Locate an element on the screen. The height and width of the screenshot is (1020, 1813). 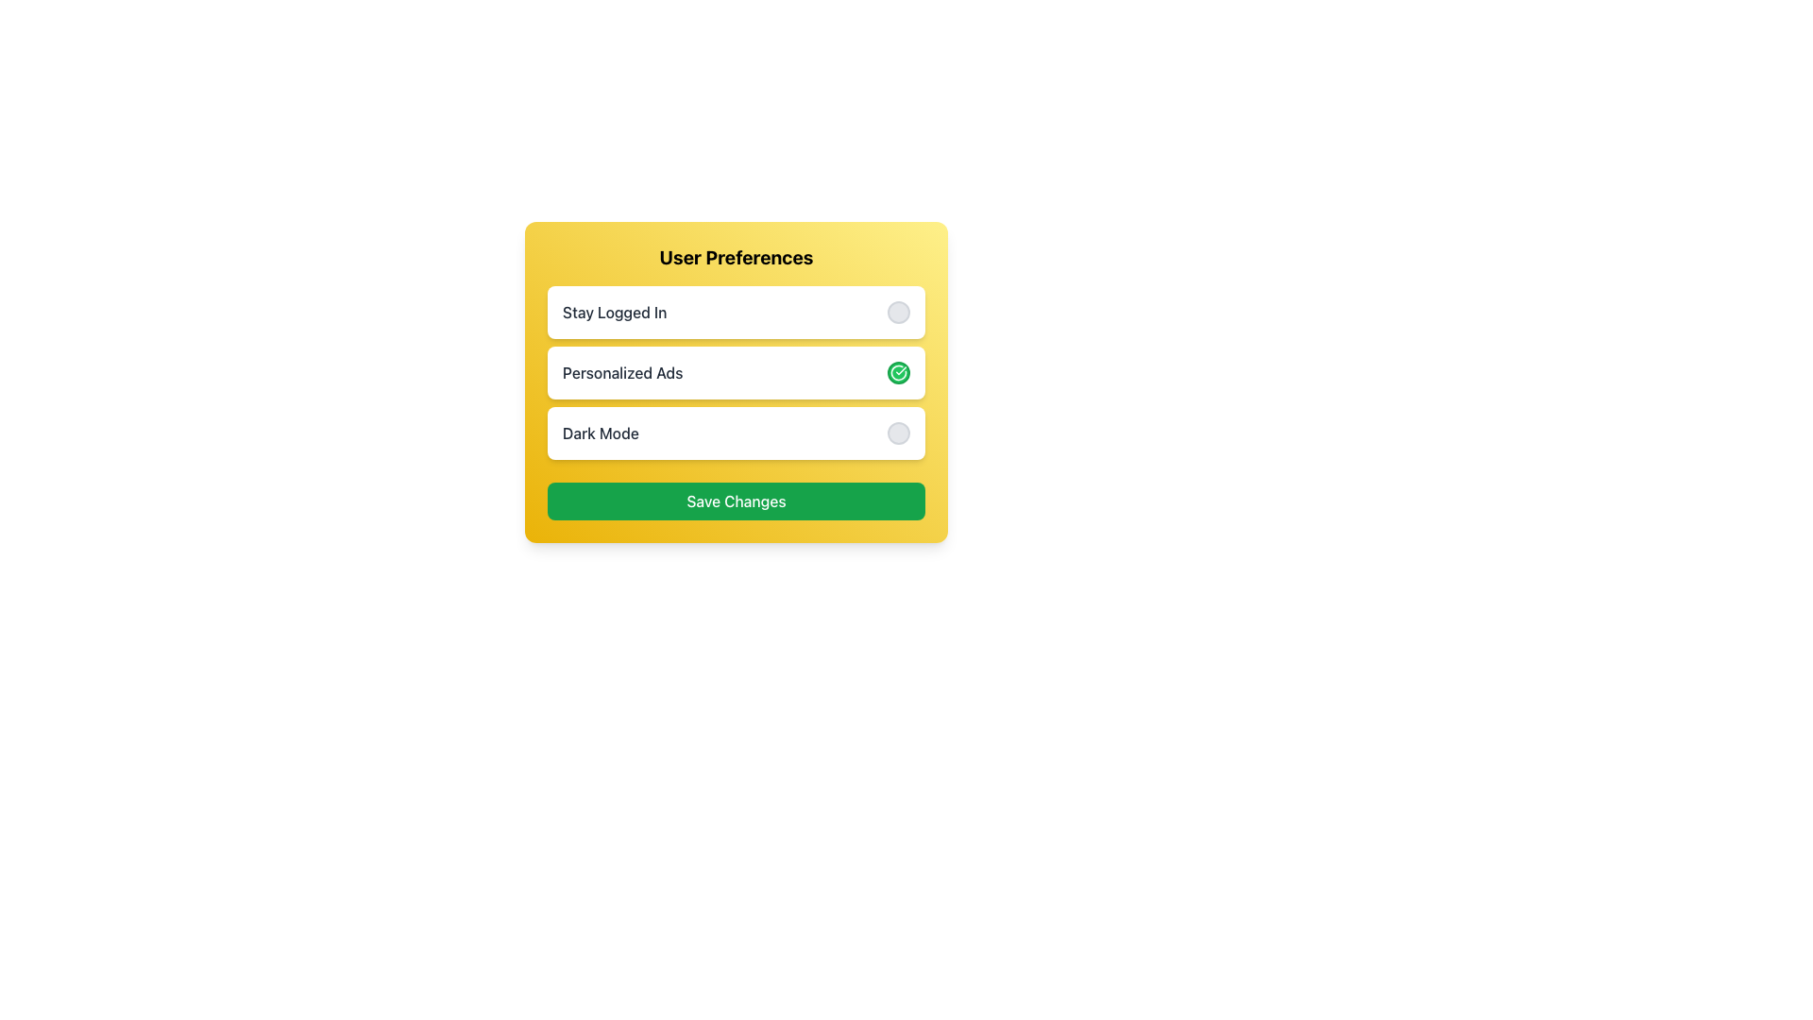
the 'Stay Logged In' option card with radio button is located at coordinates (735, 312).